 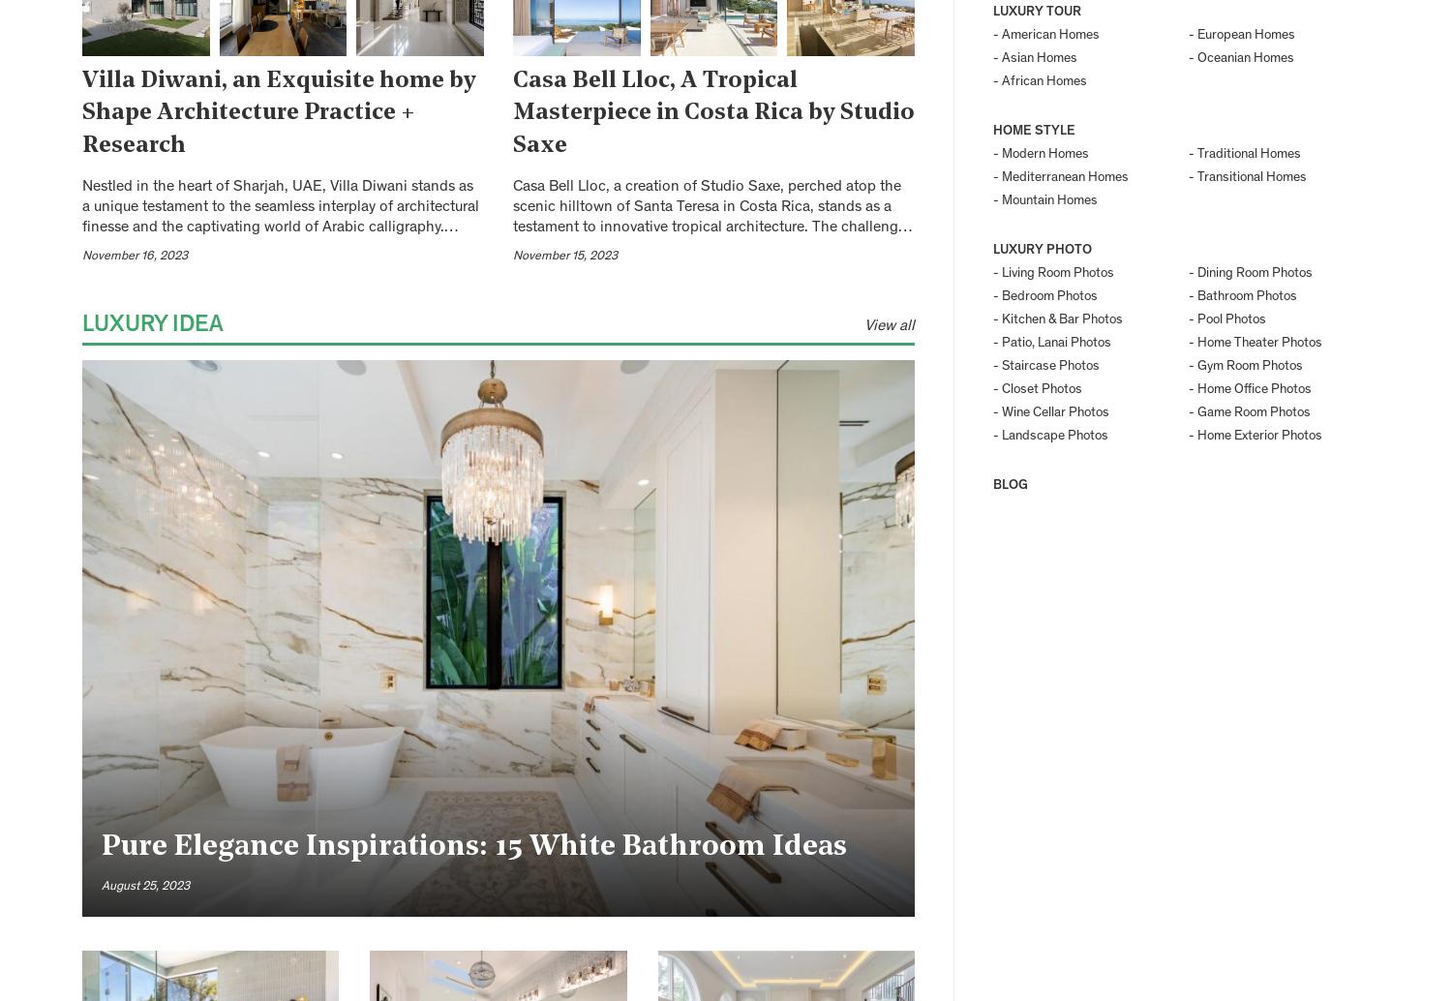 I want to click on '- Transitional Homes', so click(x=1247, y=177).